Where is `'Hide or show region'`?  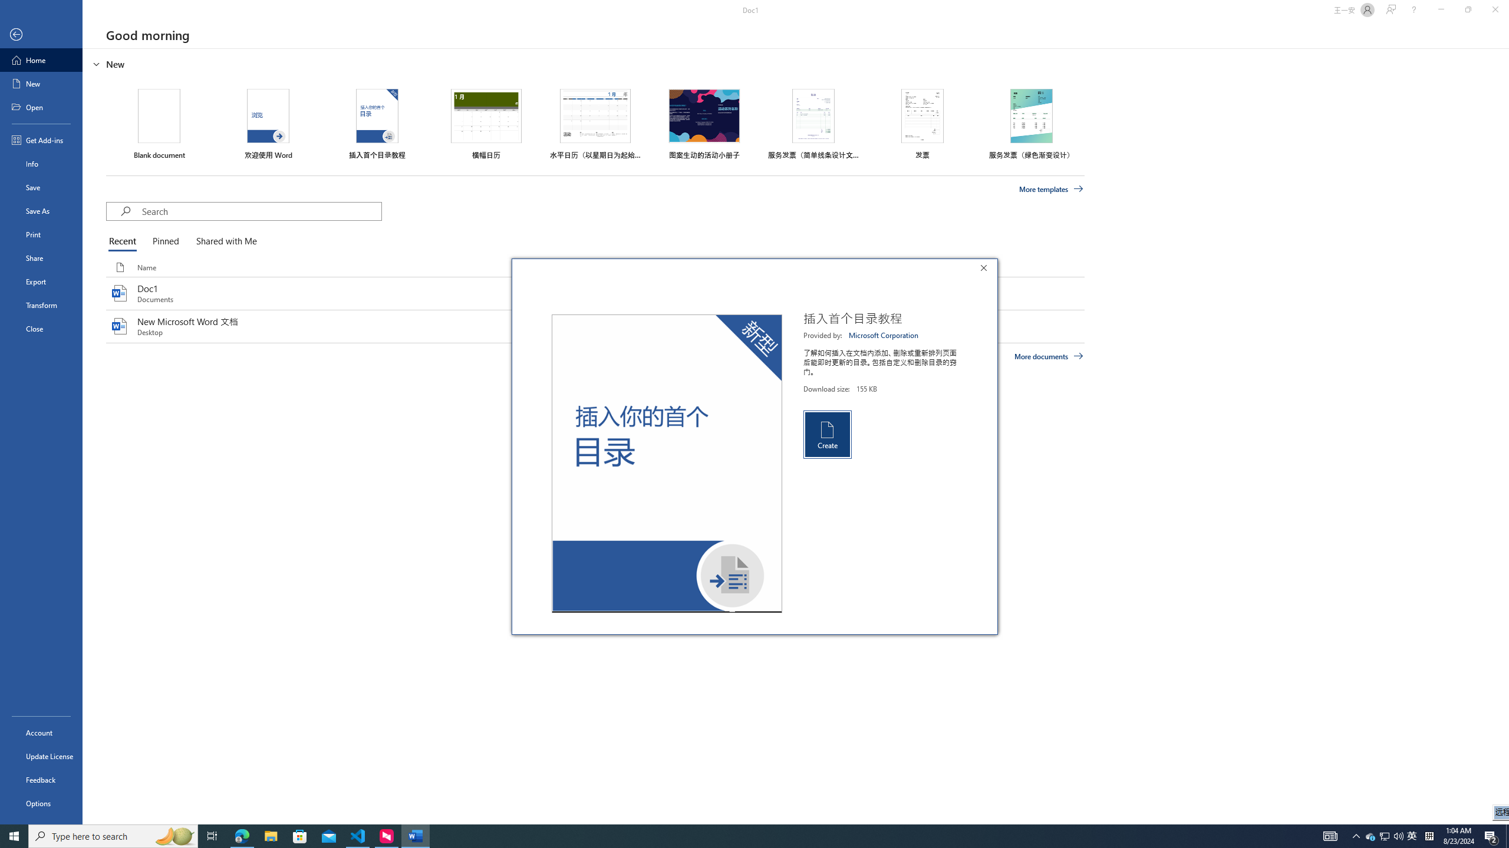
'Hide or show region' is located at coordinates (96, 63).